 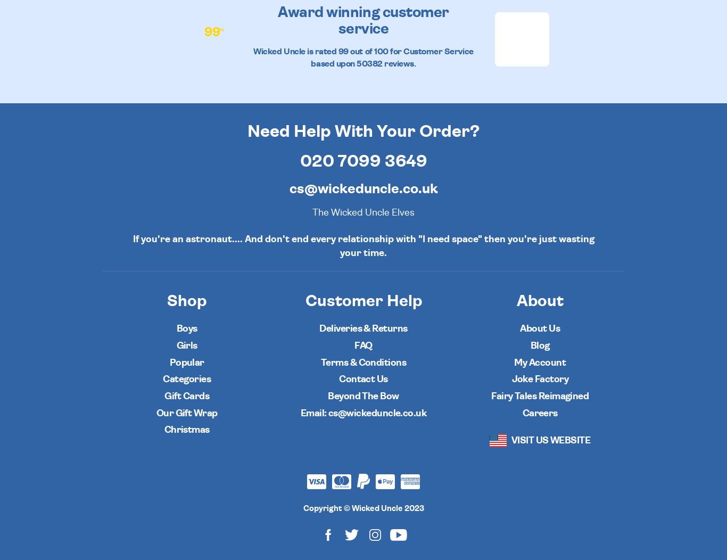 What do you see at coordinates (362, 412) in the screenshot?
I see `'Email: cs@wickeduncle.co.uk'` at bounding box center [362, 412].